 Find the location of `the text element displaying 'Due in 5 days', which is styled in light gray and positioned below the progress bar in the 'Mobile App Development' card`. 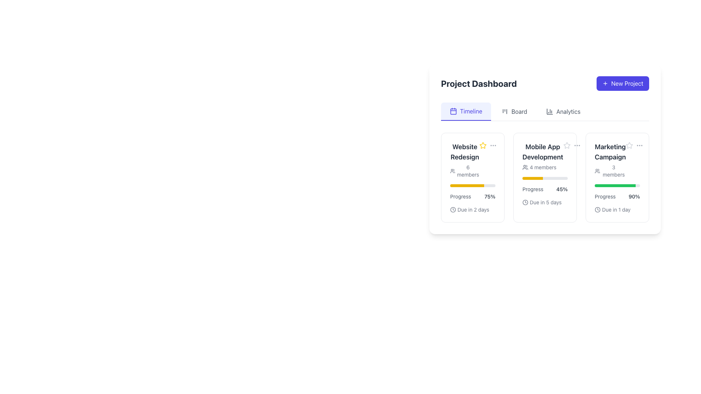

the text element displaying 'Due in 5 days', which is styled in light gray and positioned below the progress bar in the 'Mobile App Development' card is located at coordinates (545, 202).